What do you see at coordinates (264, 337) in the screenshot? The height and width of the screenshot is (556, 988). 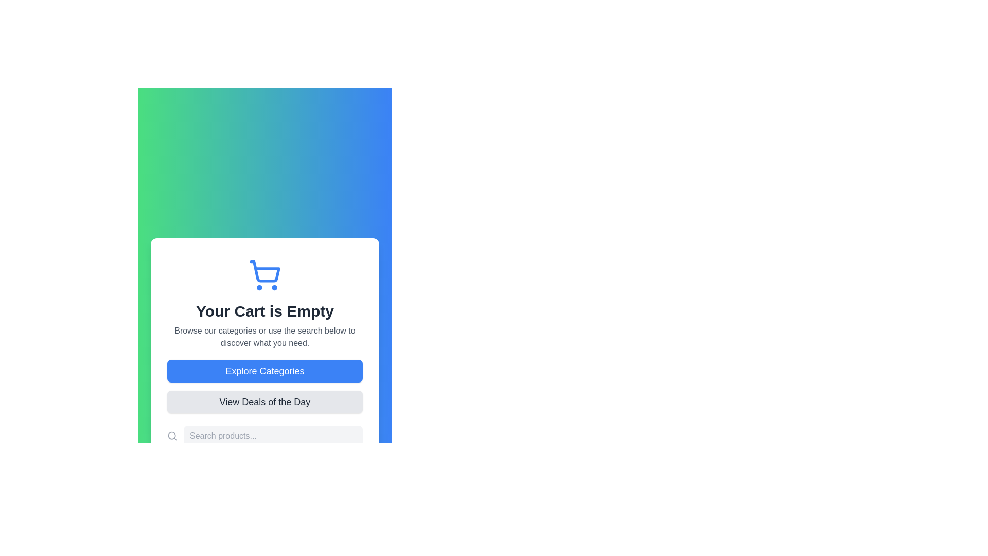 I see `the instructional text label located below 'Your Cart is Empty' and above the 'Explore Categories' button, which guides users` at bounding box center [264, 337].